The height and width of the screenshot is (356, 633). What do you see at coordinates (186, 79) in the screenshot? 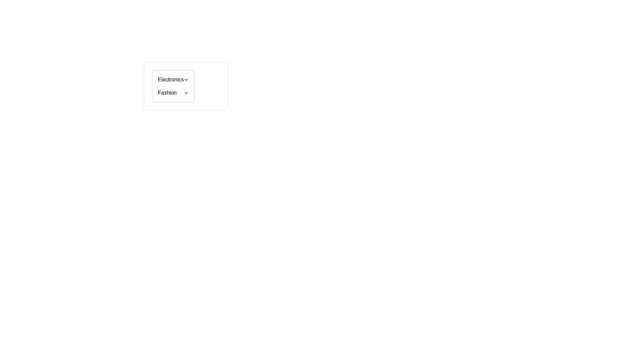
I see `the Dropdown Indicator Icon, which is a downward facing chevron icon positioned at the far right of the 'Electronics' row` at bounding box center [186, 79].